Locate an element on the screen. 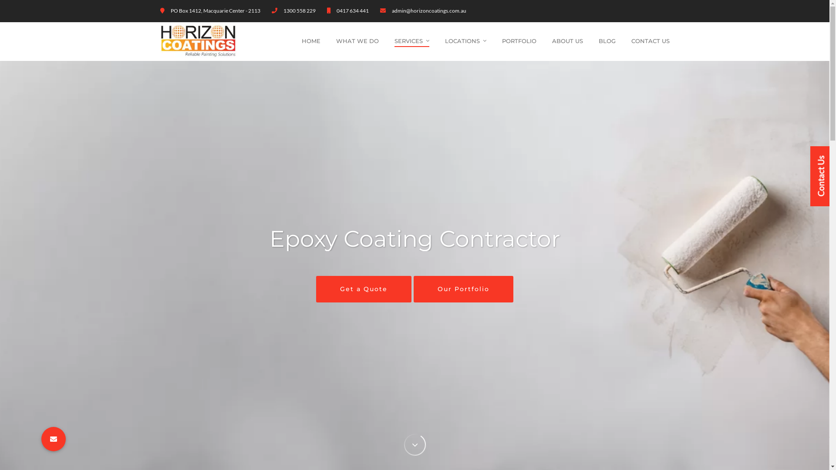 This screenshot has height=470, width=836. 'Our Portfolio' is located at coordinates (463, 289).